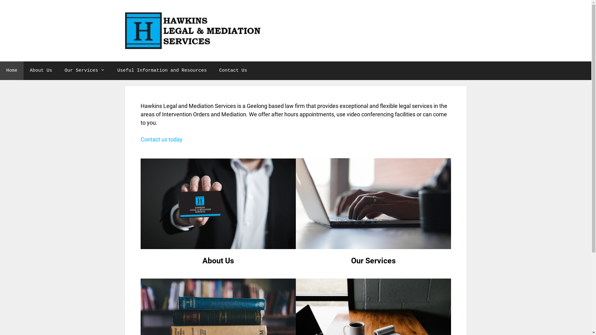  I want to click on 'Home', so click(12, 70).